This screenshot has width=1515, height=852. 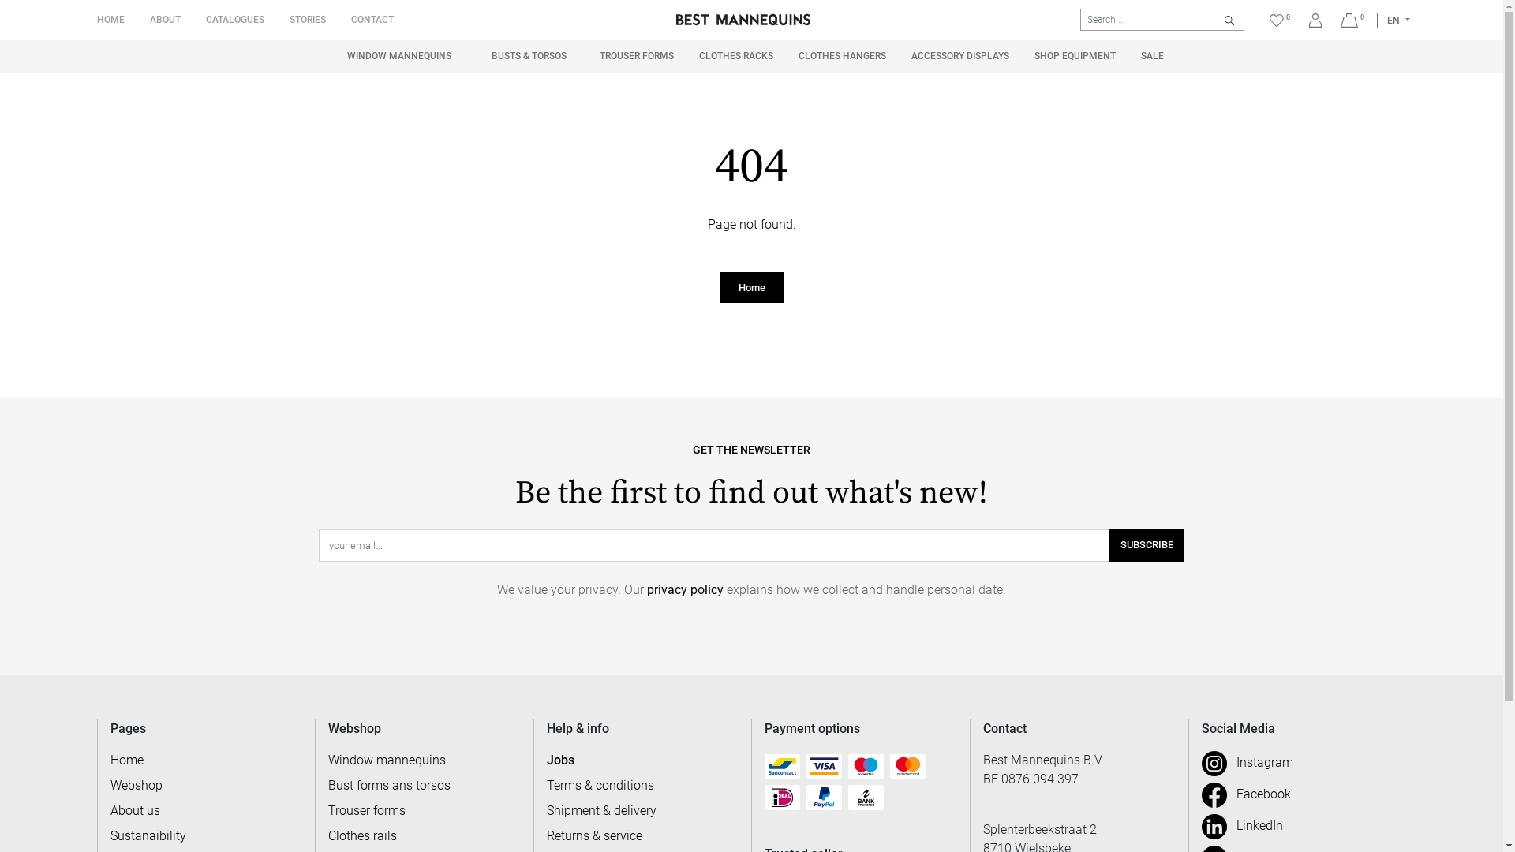 I want to click on 'Shipment & delivery', so click(x=546, y=810).